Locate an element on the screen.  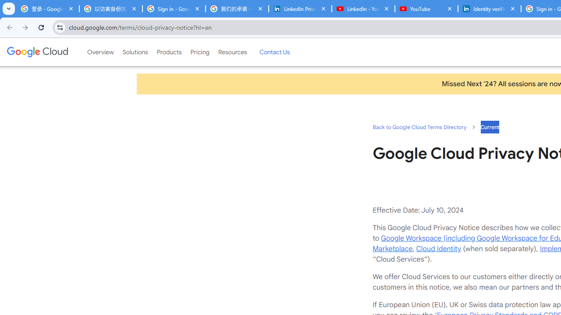
'Resources' is located at coordinates (232, 52).